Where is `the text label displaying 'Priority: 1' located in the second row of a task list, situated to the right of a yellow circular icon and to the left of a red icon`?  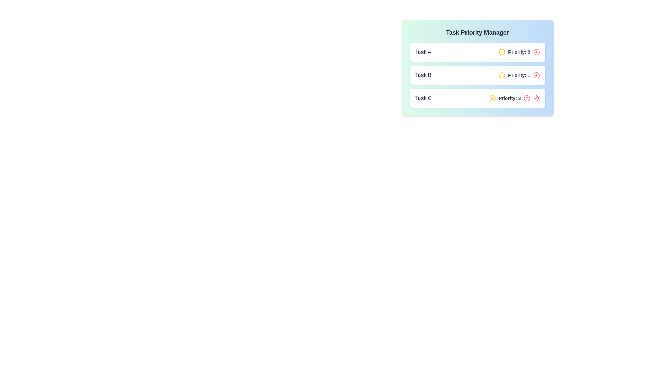 the text label displaying 'Priority: 1' located in the second row of a task list, situated to the right of a yellow circular icon and to the left of a red icon is located at coordinates (519, 75).